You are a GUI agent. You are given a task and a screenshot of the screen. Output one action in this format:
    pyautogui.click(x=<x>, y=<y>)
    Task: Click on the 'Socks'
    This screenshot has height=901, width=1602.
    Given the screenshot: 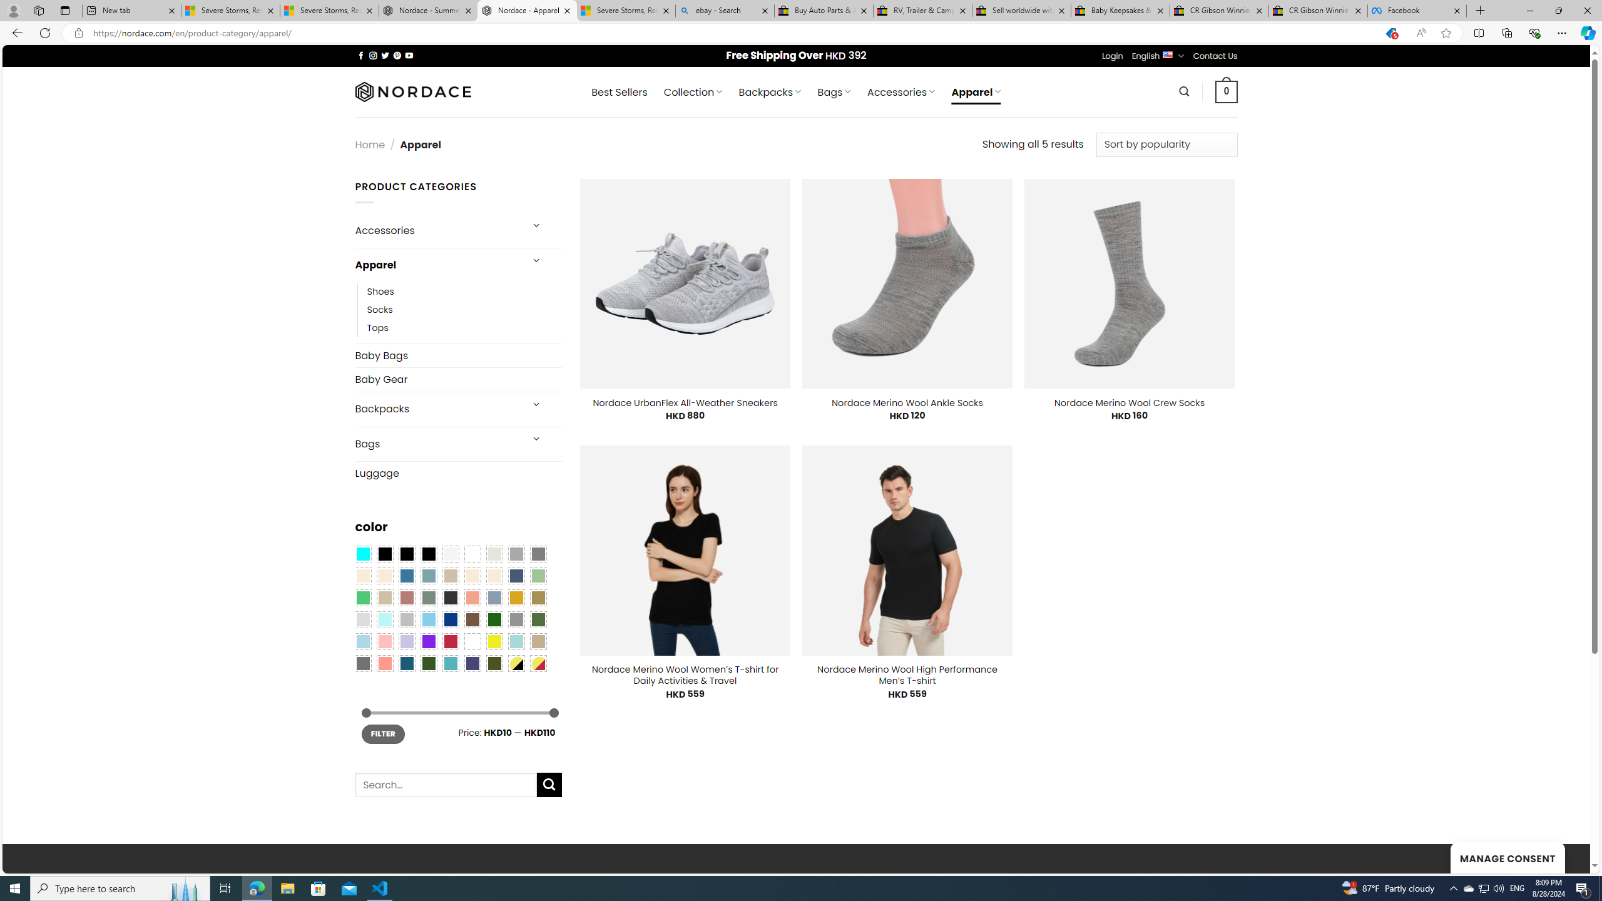 What is the action you would take?
    pyautogui.click(x=464, y=309)
    